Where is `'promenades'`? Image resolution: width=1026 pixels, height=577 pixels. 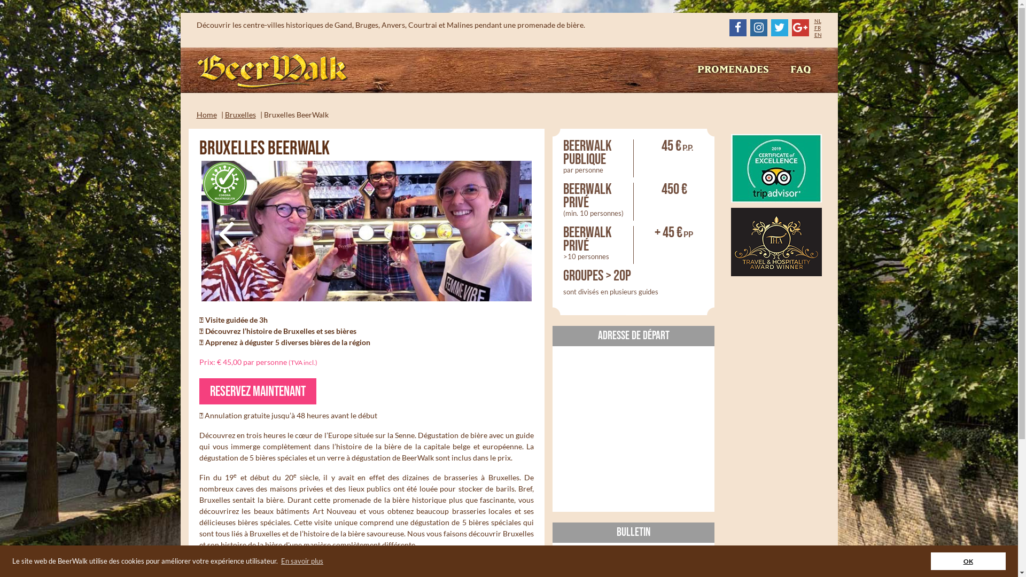 'promenades' is located at coordinates (732, 70).